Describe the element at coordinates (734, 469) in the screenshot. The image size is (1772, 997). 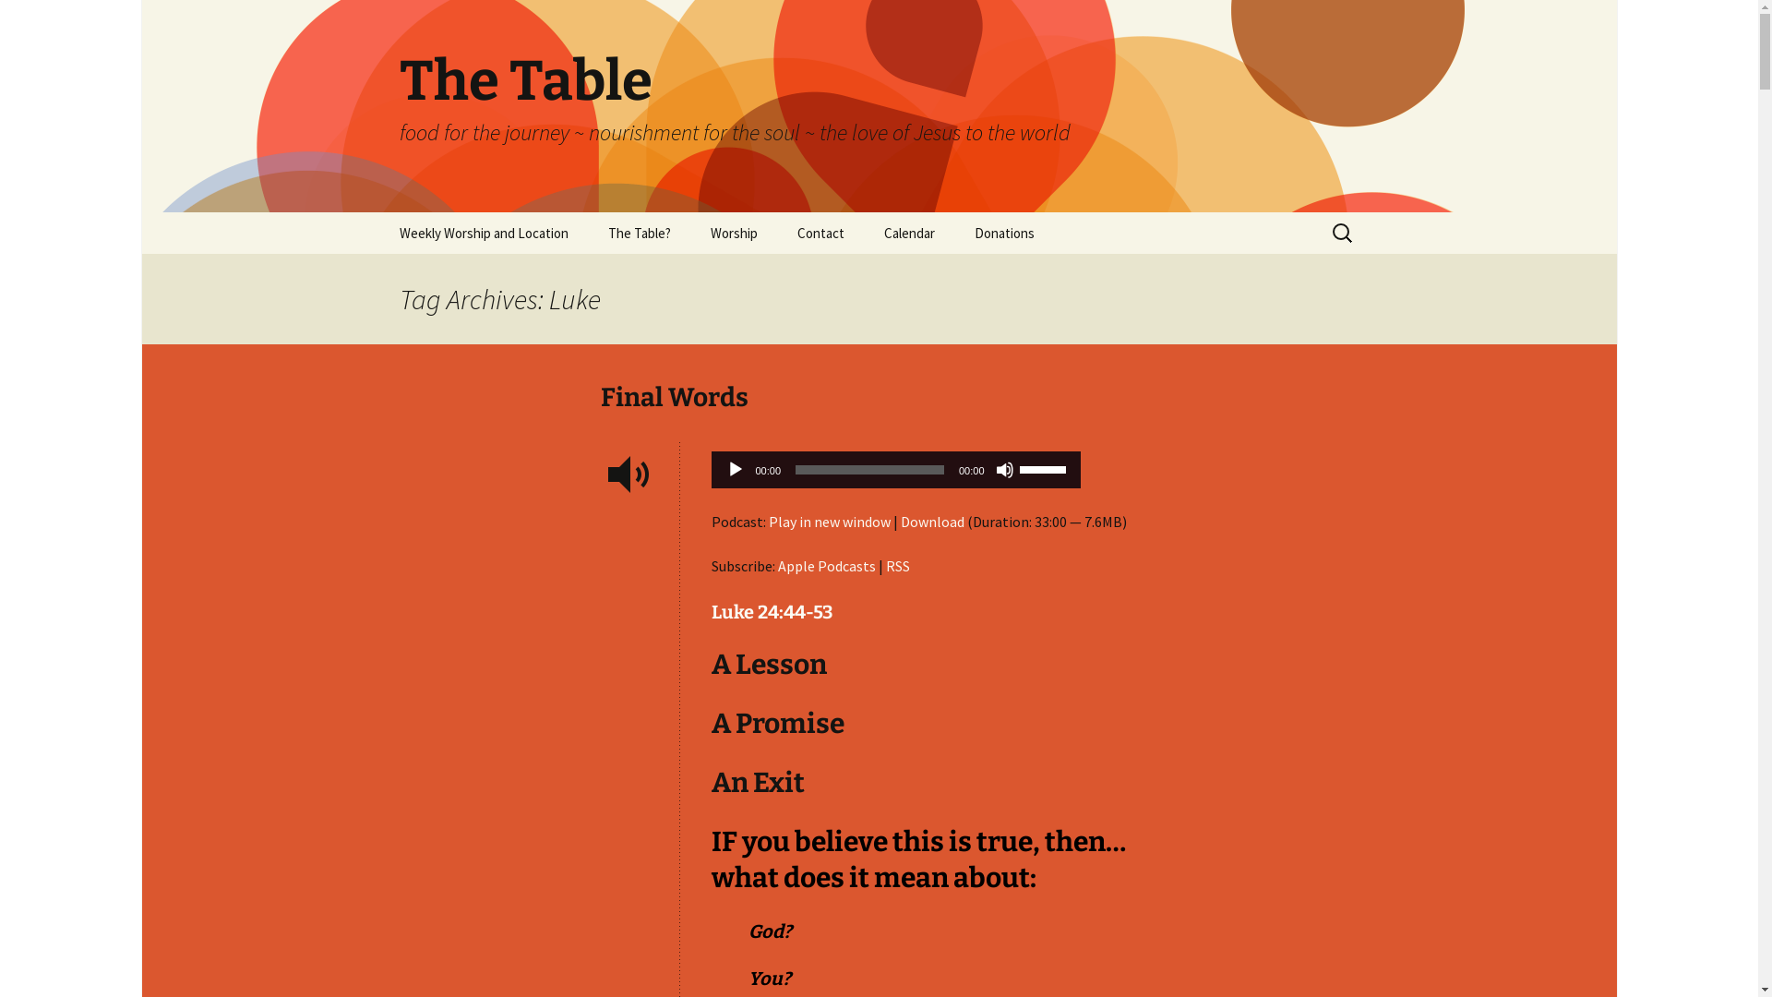
I see `'Play'` at that location.